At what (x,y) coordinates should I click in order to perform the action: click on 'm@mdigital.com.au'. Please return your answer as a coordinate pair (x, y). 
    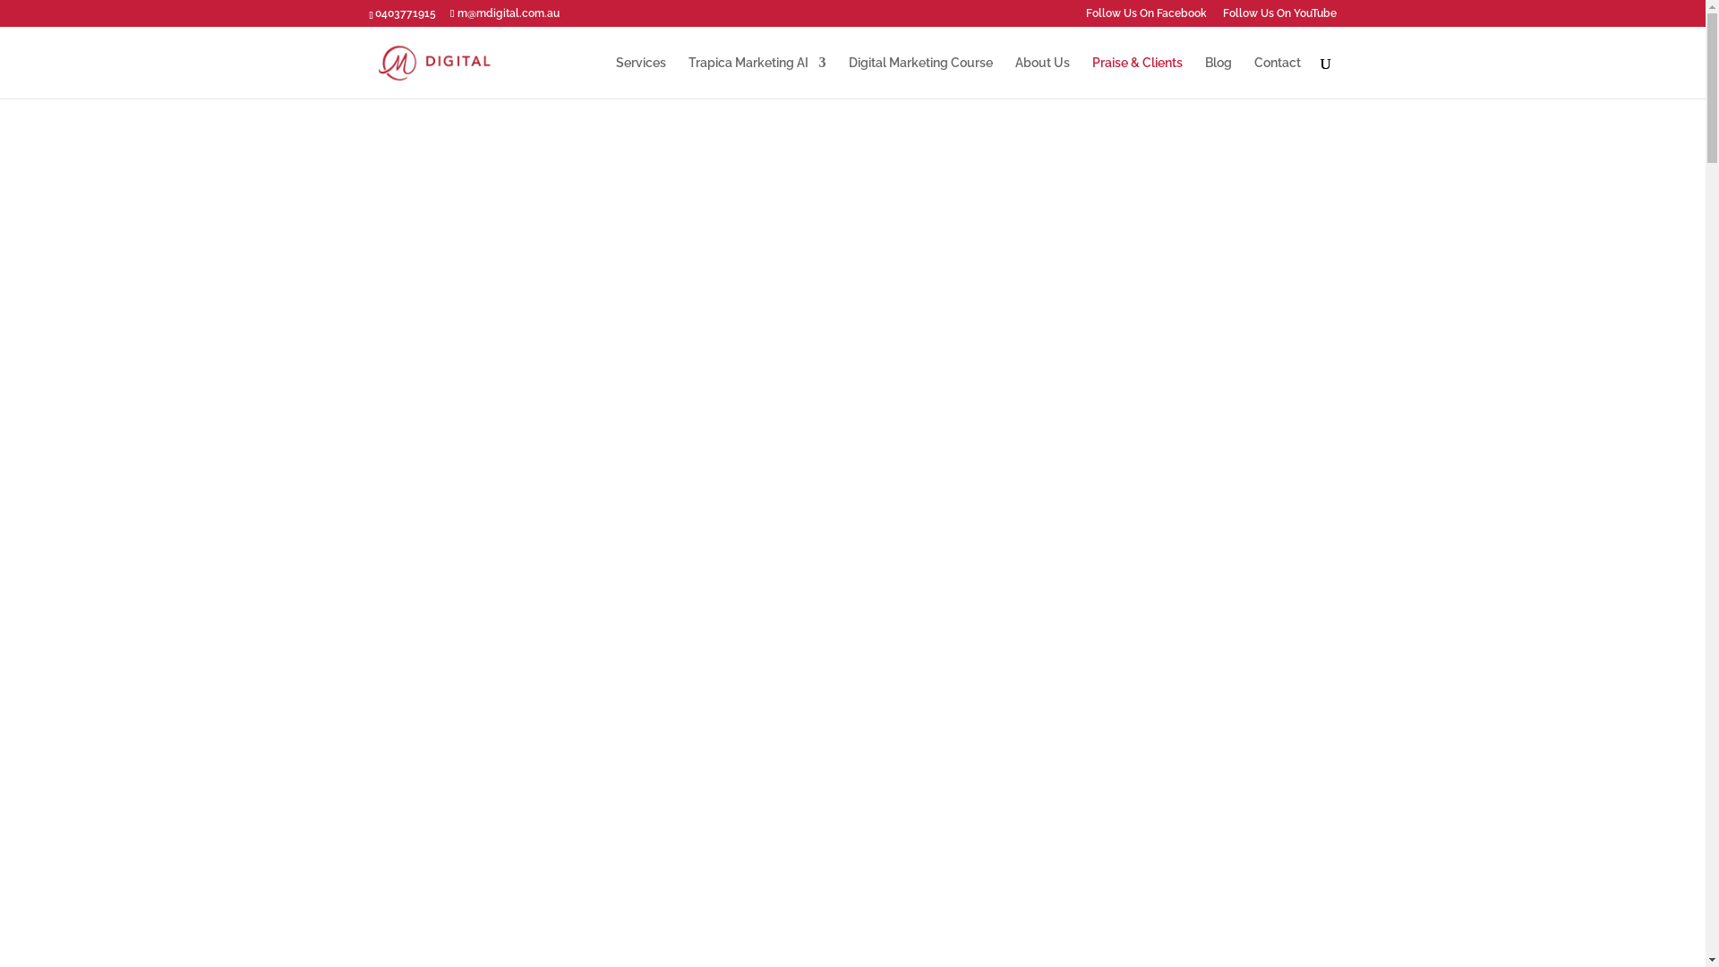
    Looking at the image, I should click on (503, 13).